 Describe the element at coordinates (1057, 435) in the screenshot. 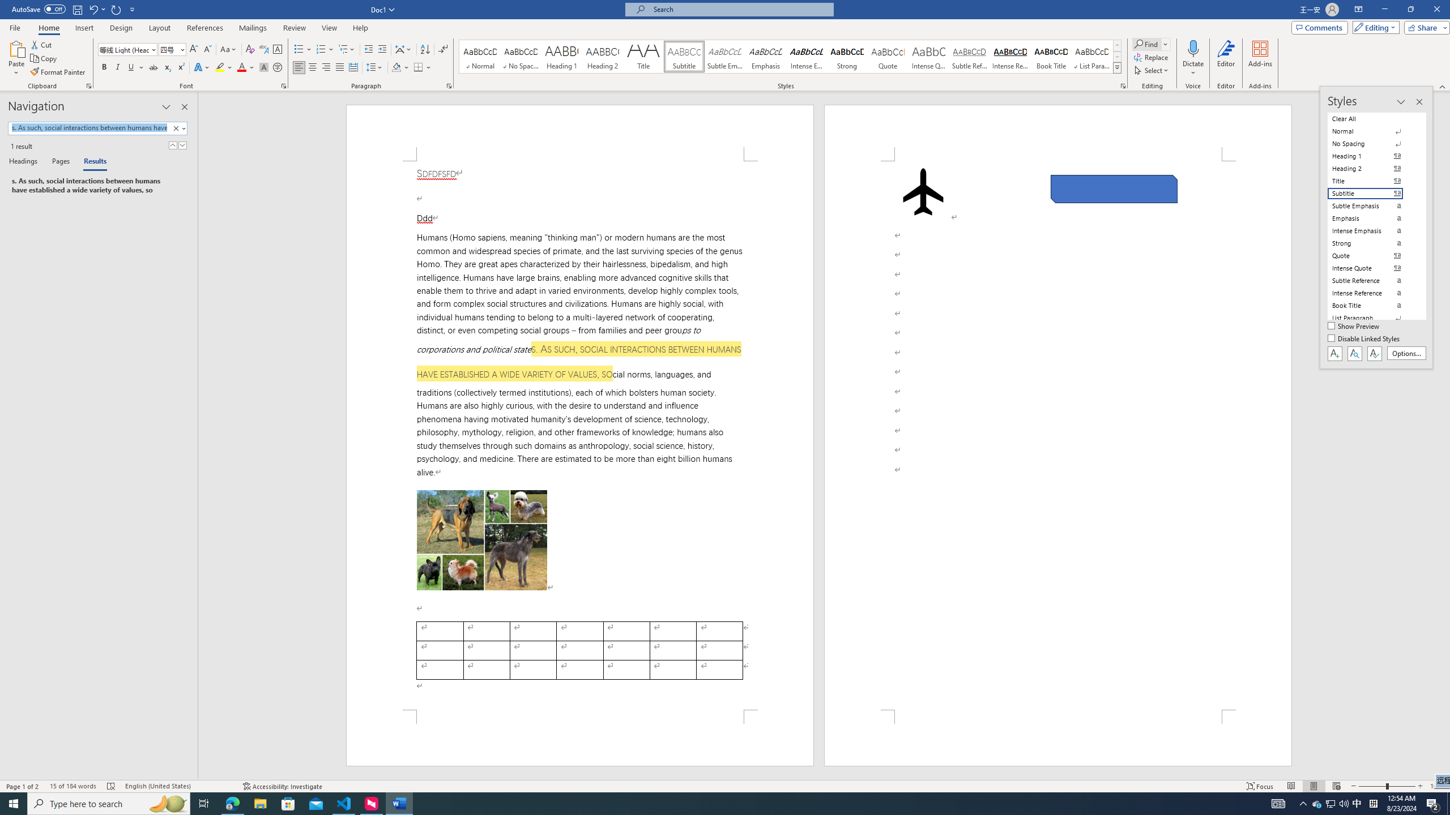

I see `'Page 2 content'` at that location.